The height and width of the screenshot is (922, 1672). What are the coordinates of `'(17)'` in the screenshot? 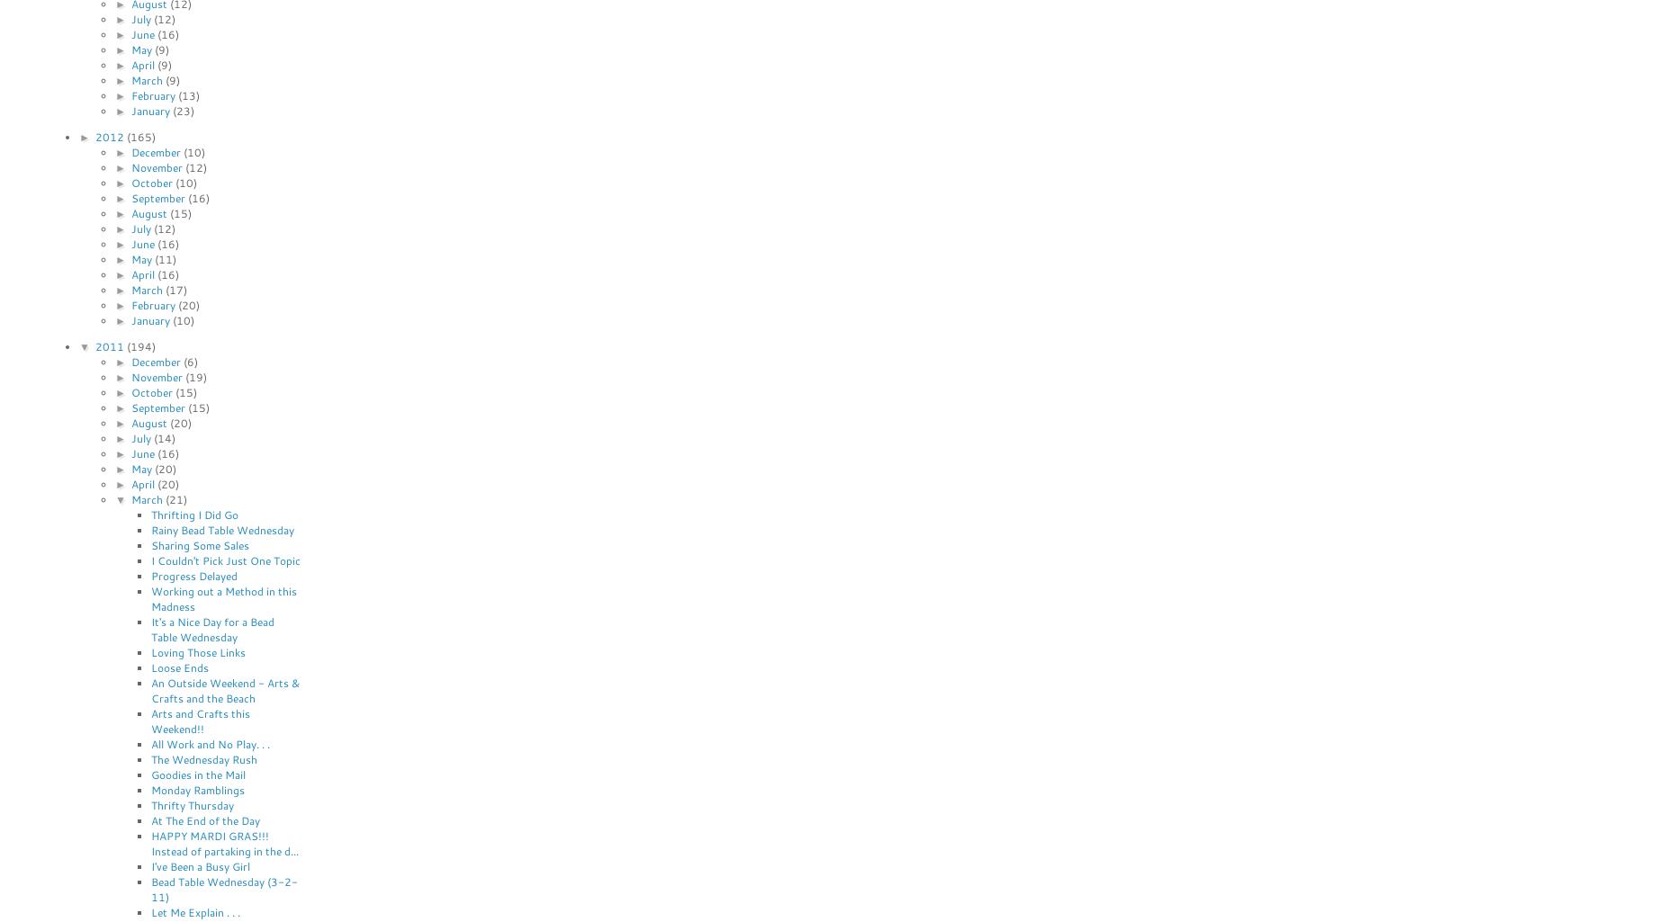 It's located at (175, 289).